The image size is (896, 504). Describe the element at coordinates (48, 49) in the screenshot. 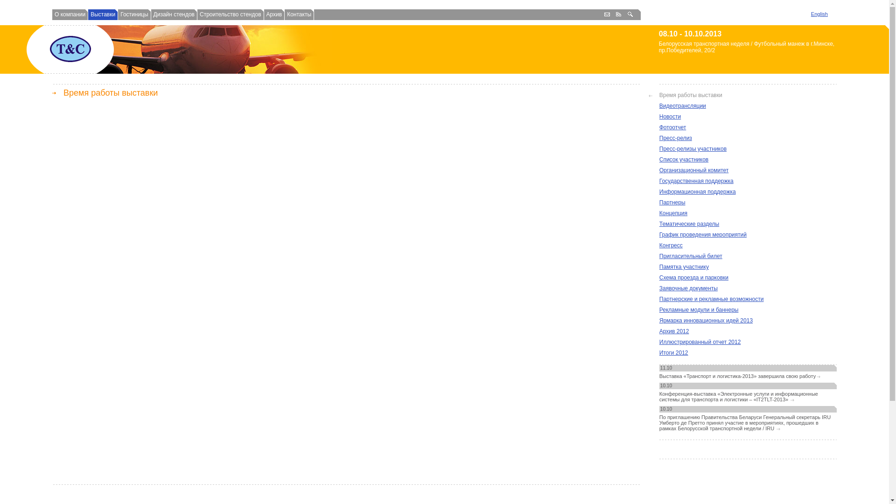

I see `'t&c'` at that location.